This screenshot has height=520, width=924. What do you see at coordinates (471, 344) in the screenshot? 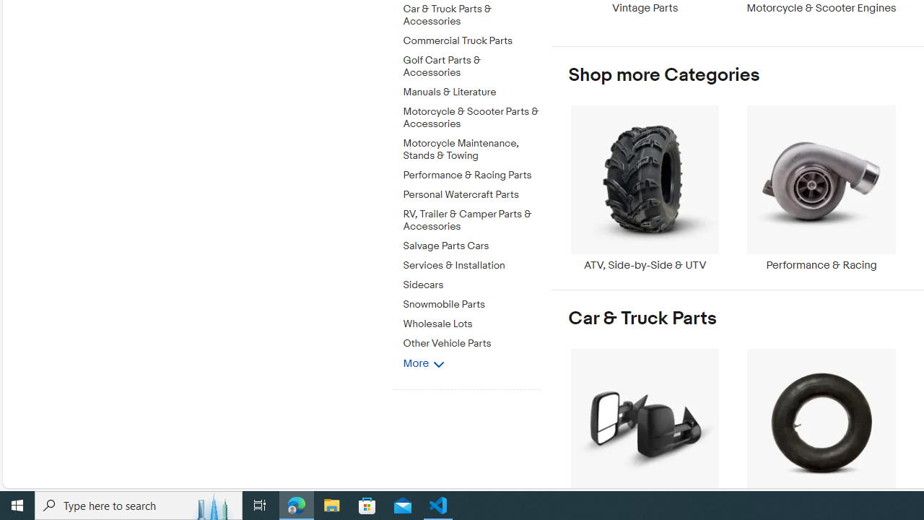
I see `'Other Vehicle Parts'` at bounding box center [471, 344].